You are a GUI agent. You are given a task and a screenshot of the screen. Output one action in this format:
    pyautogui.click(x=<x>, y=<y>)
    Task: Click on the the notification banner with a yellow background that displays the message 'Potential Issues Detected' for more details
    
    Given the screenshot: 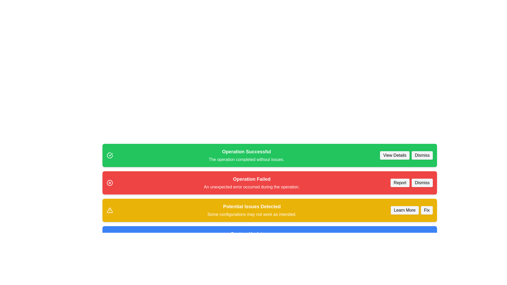 What is the action you would take?
    pyautogui.click(x=270, y=210)
    